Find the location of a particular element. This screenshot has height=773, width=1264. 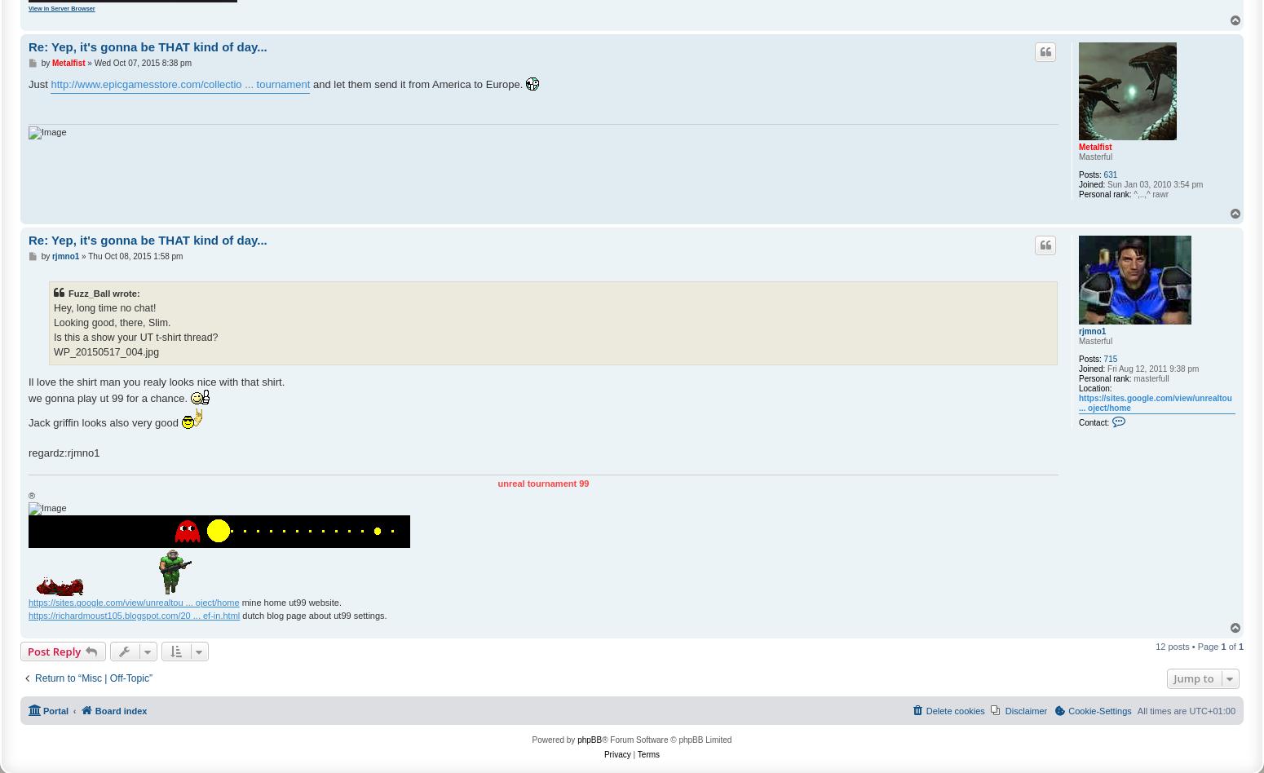

'Board index' is located at coordinates (94, 709).